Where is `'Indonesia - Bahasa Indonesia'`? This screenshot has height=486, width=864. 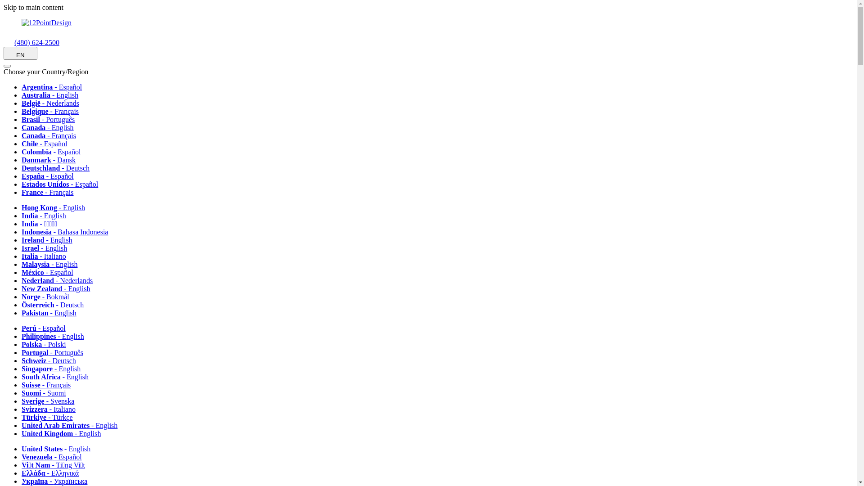 'Indonesia - Bahasa Indonesia' is located at coordinates (67, 231).